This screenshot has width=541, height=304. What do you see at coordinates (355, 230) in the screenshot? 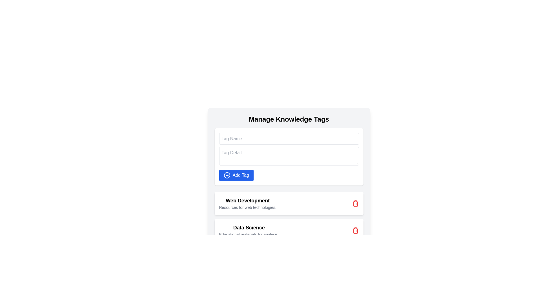
I see `the delete icon button located on the far right side of the 'Data Science Educational materials for analysis' section` at bounding box center [355, 230].